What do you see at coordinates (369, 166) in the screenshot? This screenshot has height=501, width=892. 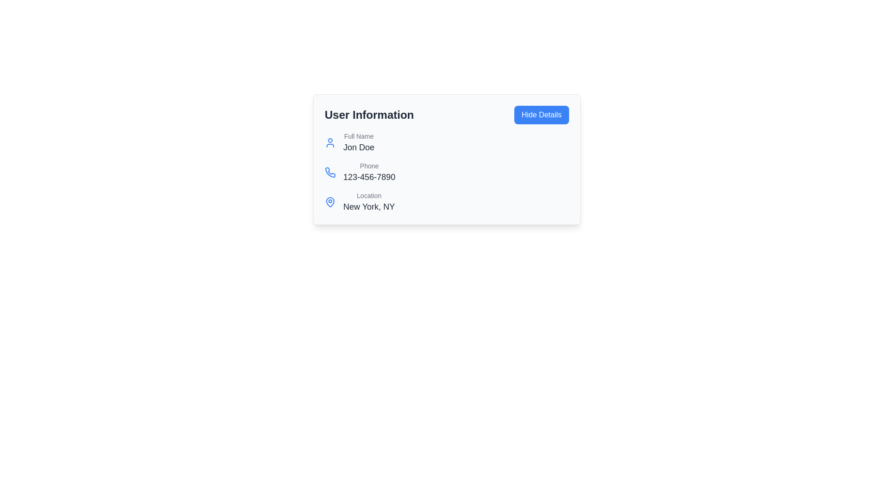 I see `the text label that describes the phone number, positioned below 'Full Name' and above '123-456-7890', to the right of the phone icon` at bounding box center [369, 166].